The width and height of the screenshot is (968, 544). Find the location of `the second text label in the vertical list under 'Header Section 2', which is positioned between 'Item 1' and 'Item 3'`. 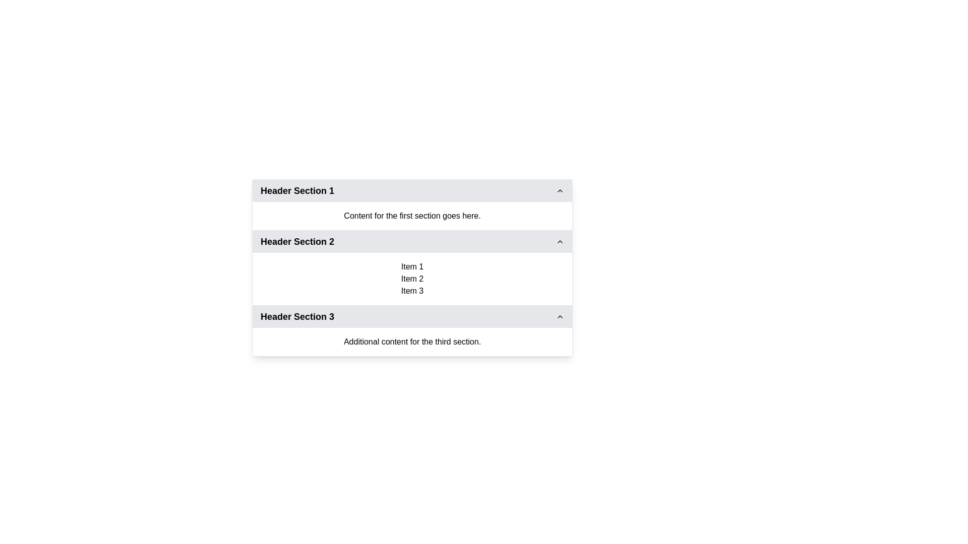

the second text label in the vertical list under 'Header Section 2', which is positioned between 'Item 1' and 'Item 3' is located at coordinates (412, 279).